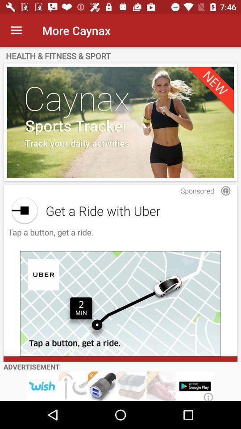 This screenshot has width=241, height=429. What do you see at coordinates (50, 236) in the screenshot?
I see `the text tap a button get a ride` at bounding box center [50, 236].